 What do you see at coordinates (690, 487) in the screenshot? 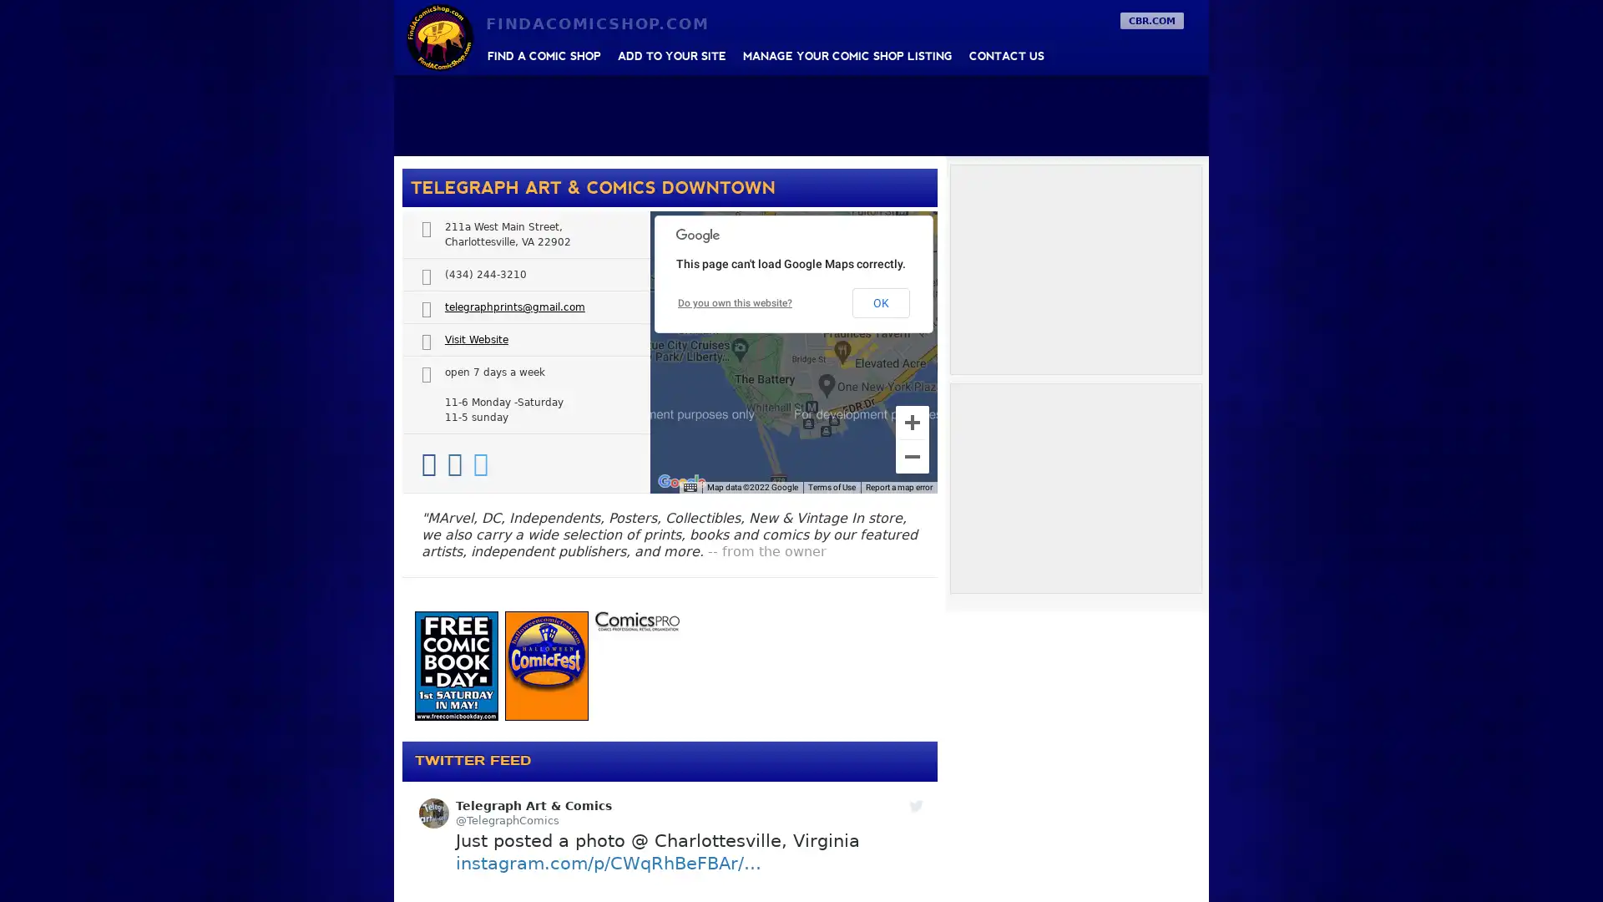
I see `Keyboard shortcuts` at bounding box center [690, 487].